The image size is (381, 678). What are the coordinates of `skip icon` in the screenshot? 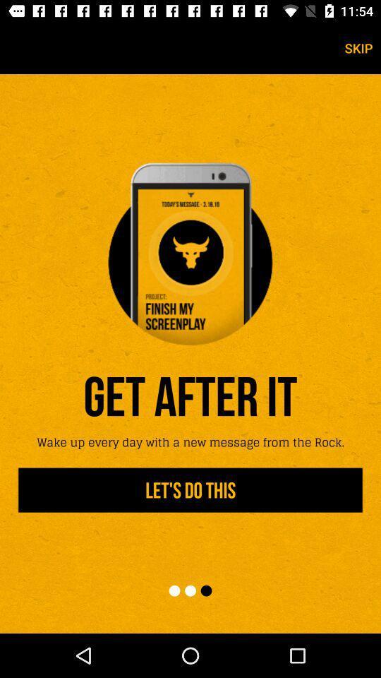 It's located at (358, 48).